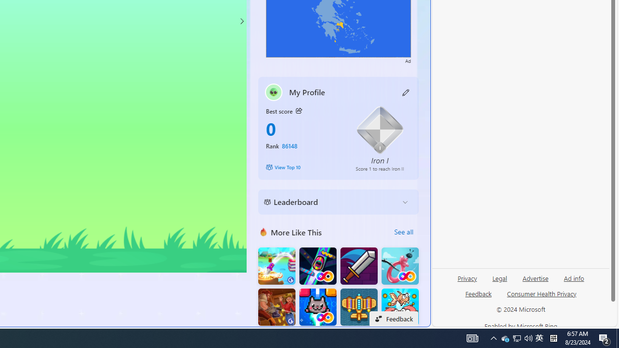  What do you see at coordinates (273, 92) in the screenshot?
I see `'""'` at bounding box center [273, 92].